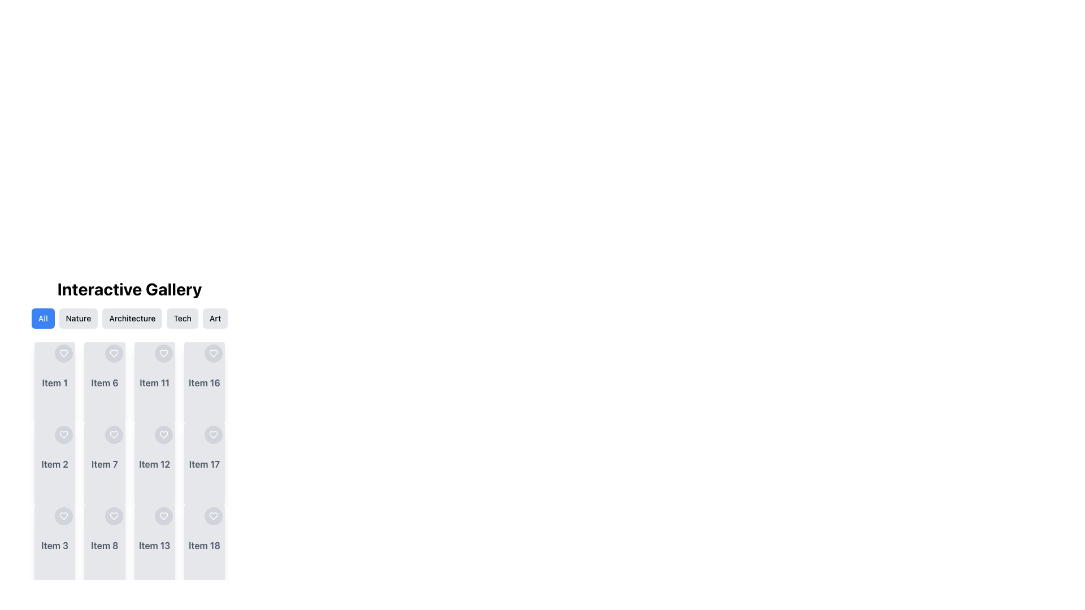  Describe the element at coordinates (114, 434) in the screenshot. I see `the heart icon button located in 'Item 7' of the favorites grid` at that location.